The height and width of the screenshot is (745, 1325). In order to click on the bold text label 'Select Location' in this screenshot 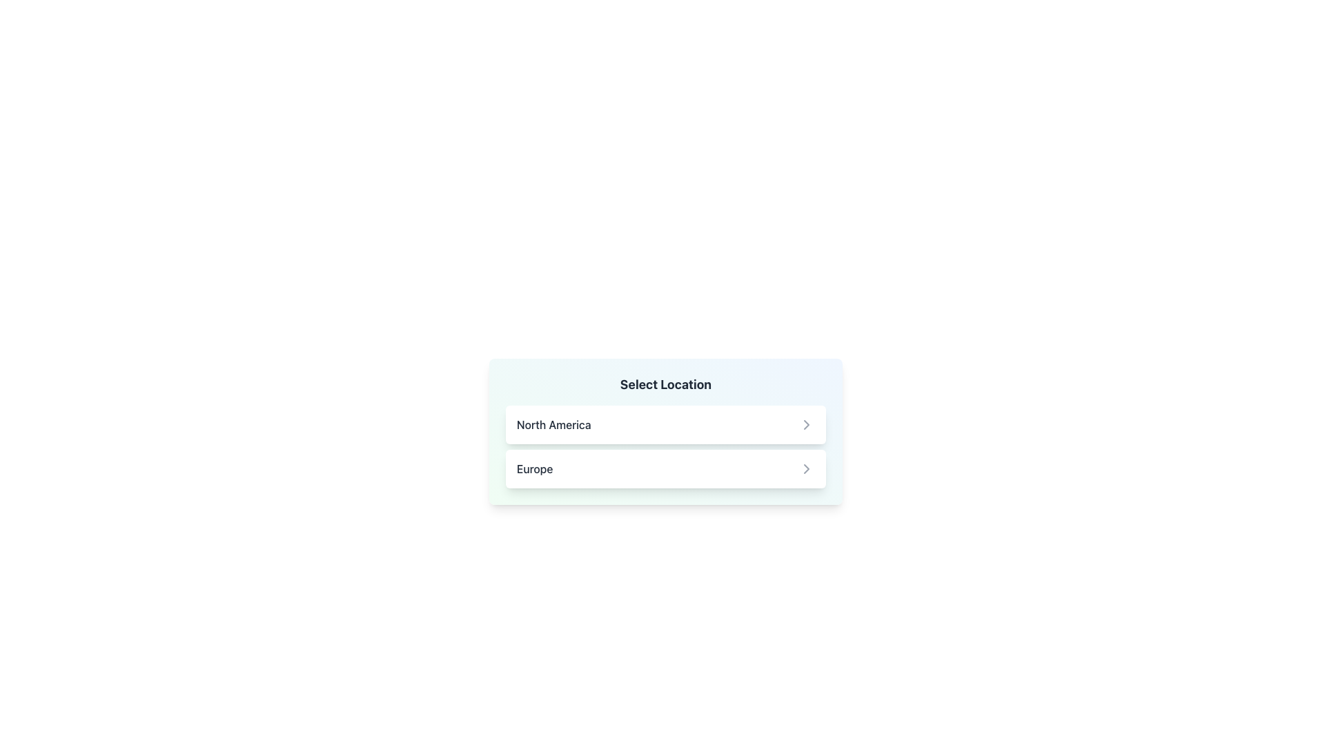, I will do `click(665, 385)`.